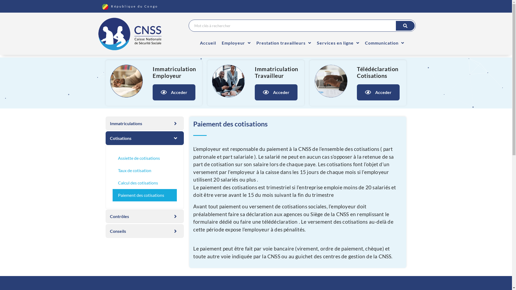 The height and width of the screenshot is (290, 516). I want to click on 'Acceder', so click(174, 92).